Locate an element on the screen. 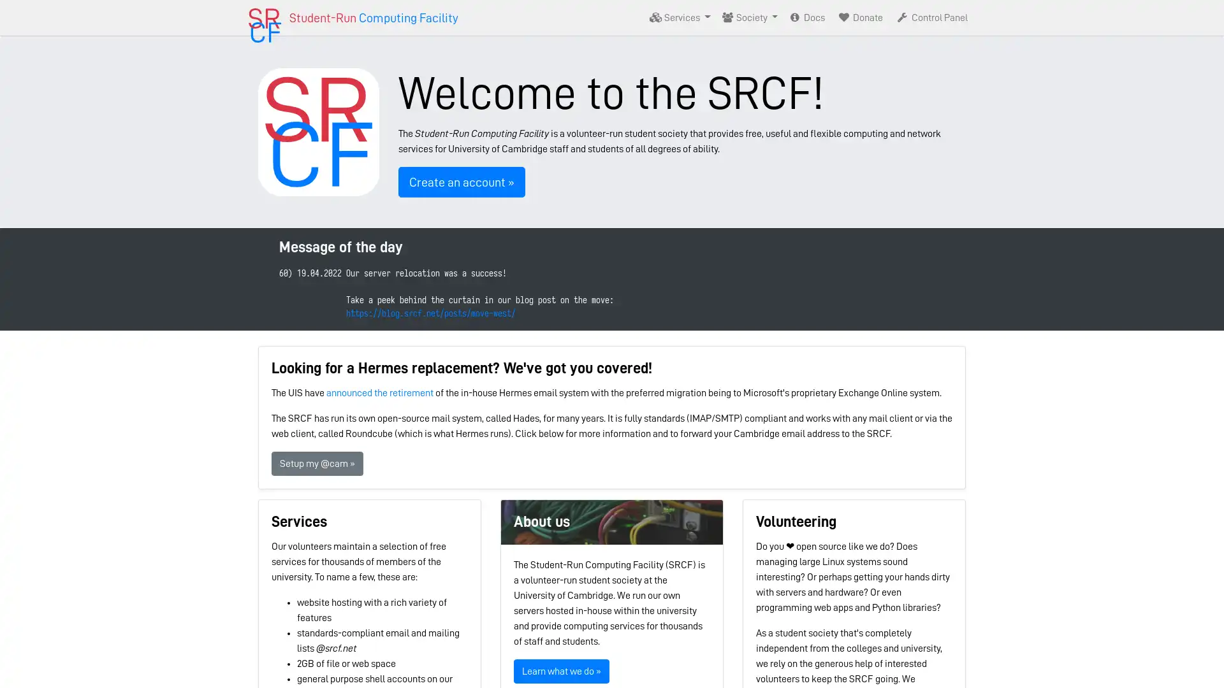 The height and width of the screenshot is (688, 1224). Create an account is located at coordinates (461, 182).